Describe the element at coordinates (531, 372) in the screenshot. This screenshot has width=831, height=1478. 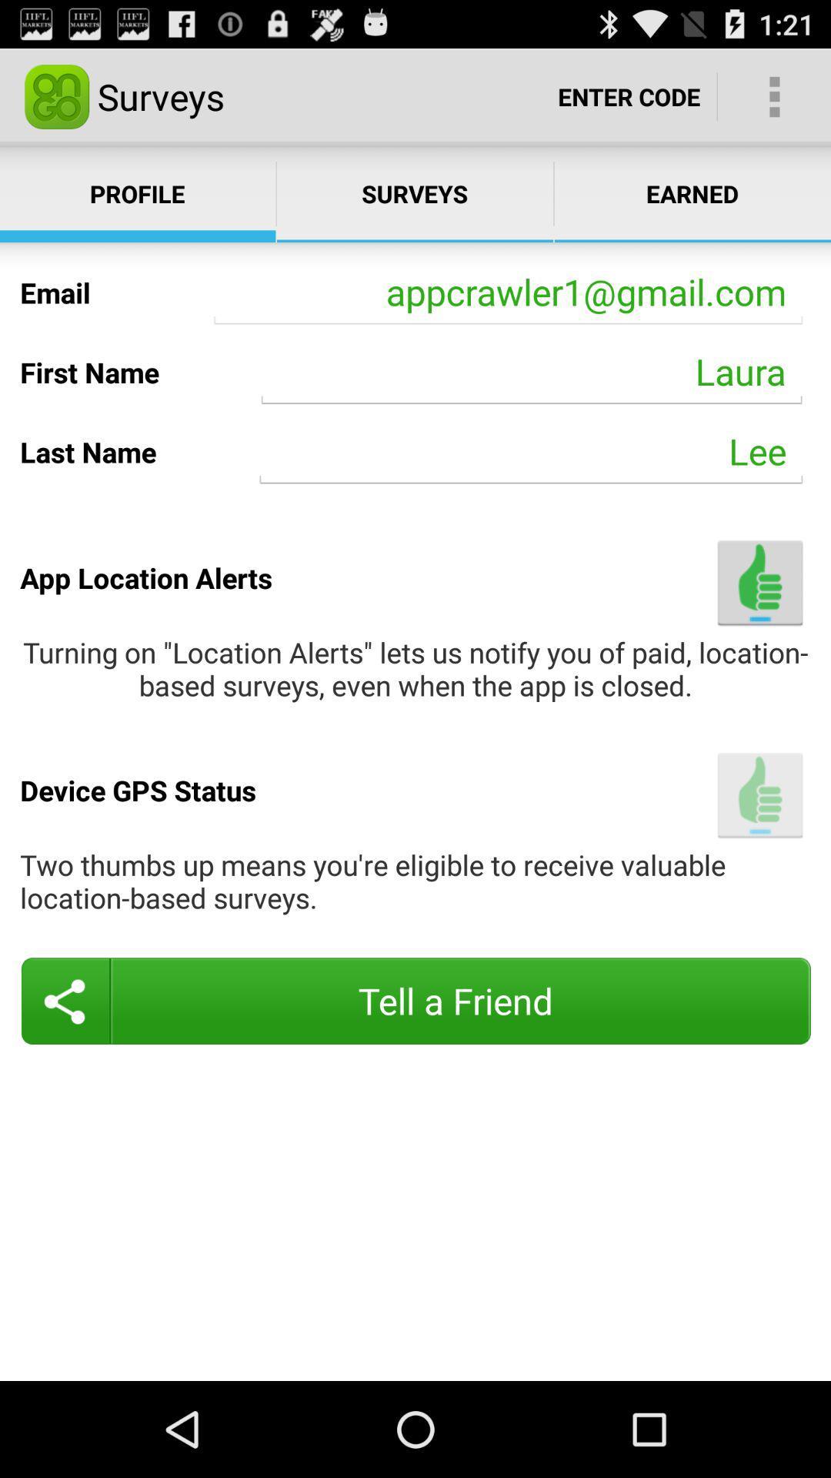
I see `item below appcrawler1@gmail.com item` at that location.